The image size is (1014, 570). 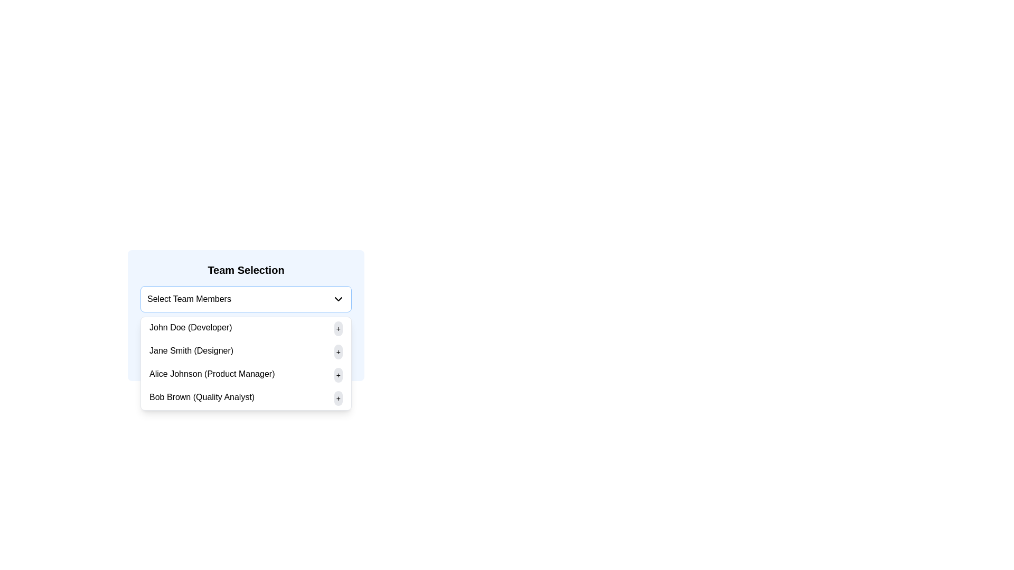 What do you see at coordinates (191, 352) in the screenshot?
I see `the text label displaying 'Jane Smith (Designer)' which is the second item in the dropdown menu labeled 'Select Team Members'` at bounding box center [191, 352].